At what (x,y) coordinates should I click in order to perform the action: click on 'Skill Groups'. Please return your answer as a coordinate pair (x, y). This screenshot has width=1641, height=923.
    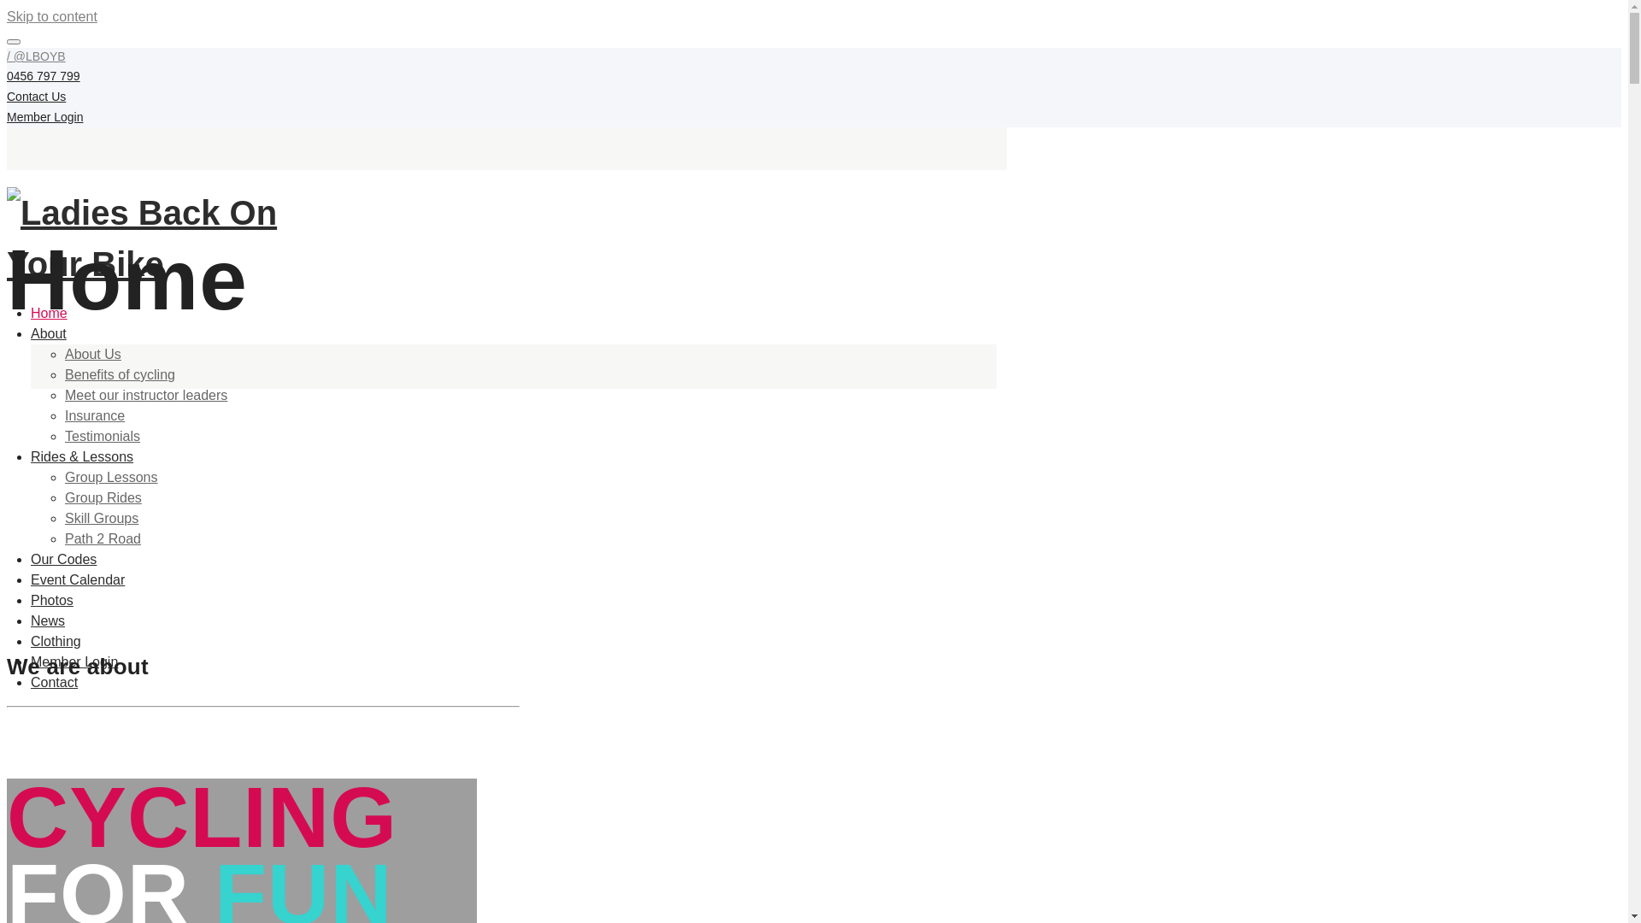
    Looking at the image, I should click on (101, 517).